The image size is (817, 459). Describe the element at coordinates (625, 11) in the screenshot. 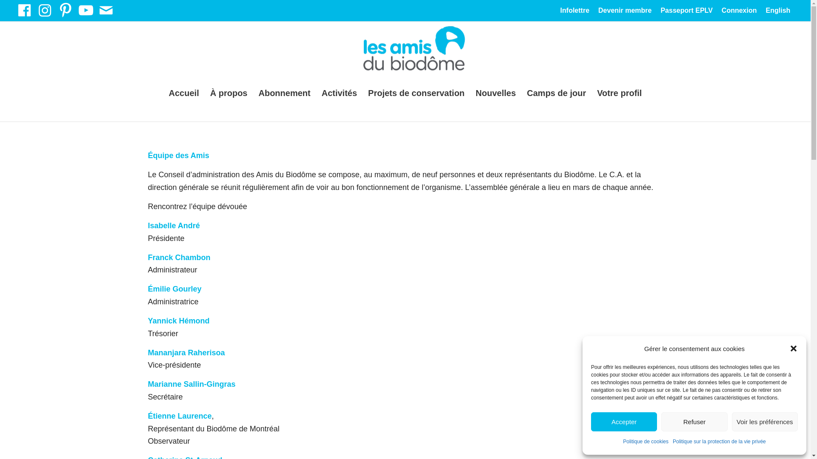

I see `'Devenir membre'` at that location.